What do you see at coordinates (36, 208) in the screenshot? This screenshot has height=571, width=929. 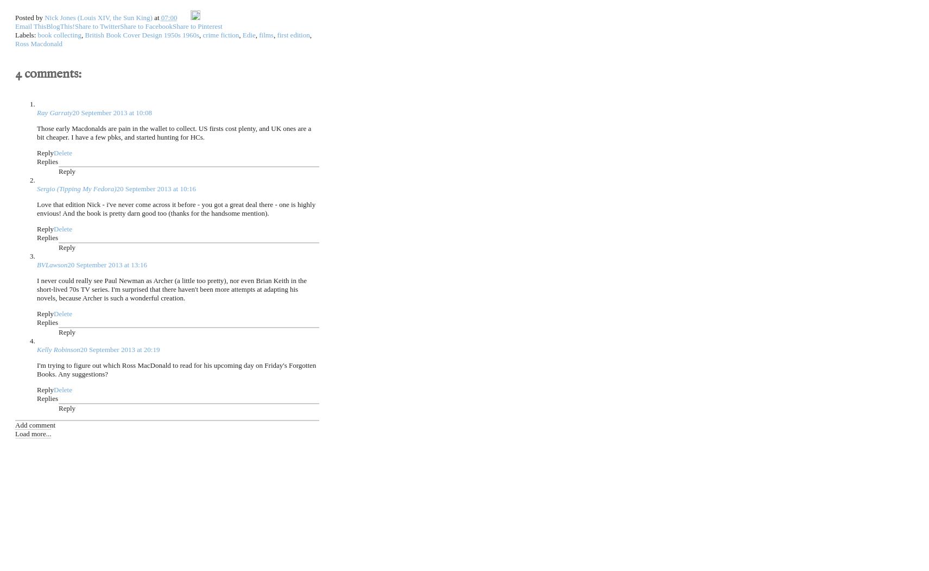 I see `'Love that edition Nick - i've never come across it before - you got a great deal there - one is highly envious! And the book is pretty darn good too (thanks for the handsome mention).'` at bounding box center [36, 208].